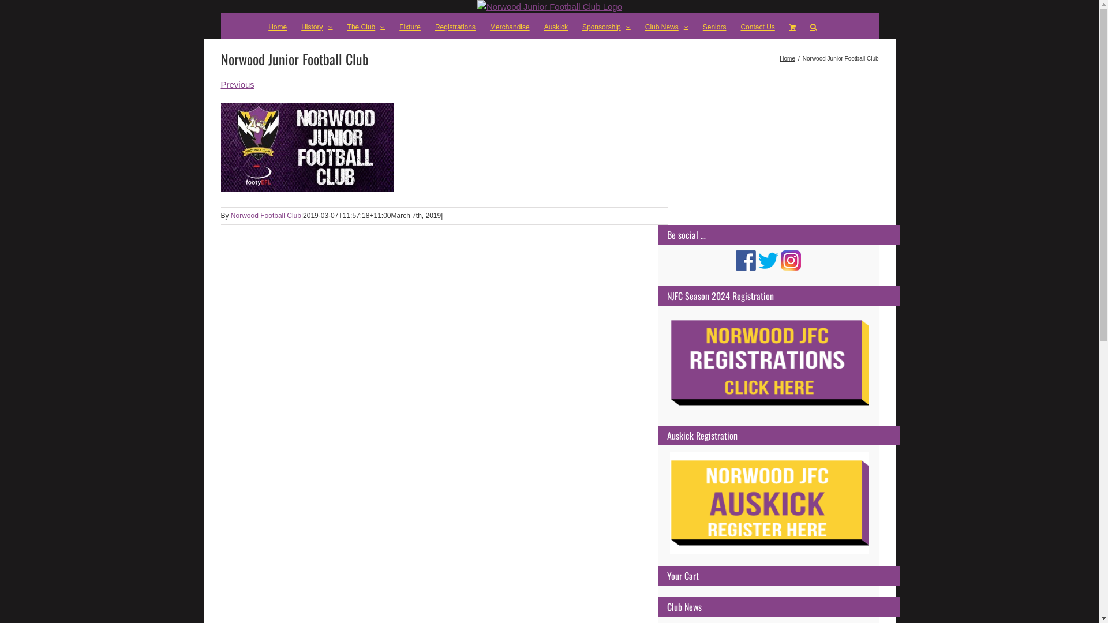 The height and width of the screenshot is (623, 1108). What do you see at coordinates (277, 26) in the screenshot?
I see `'Home'` at bounding box center [277, 26].